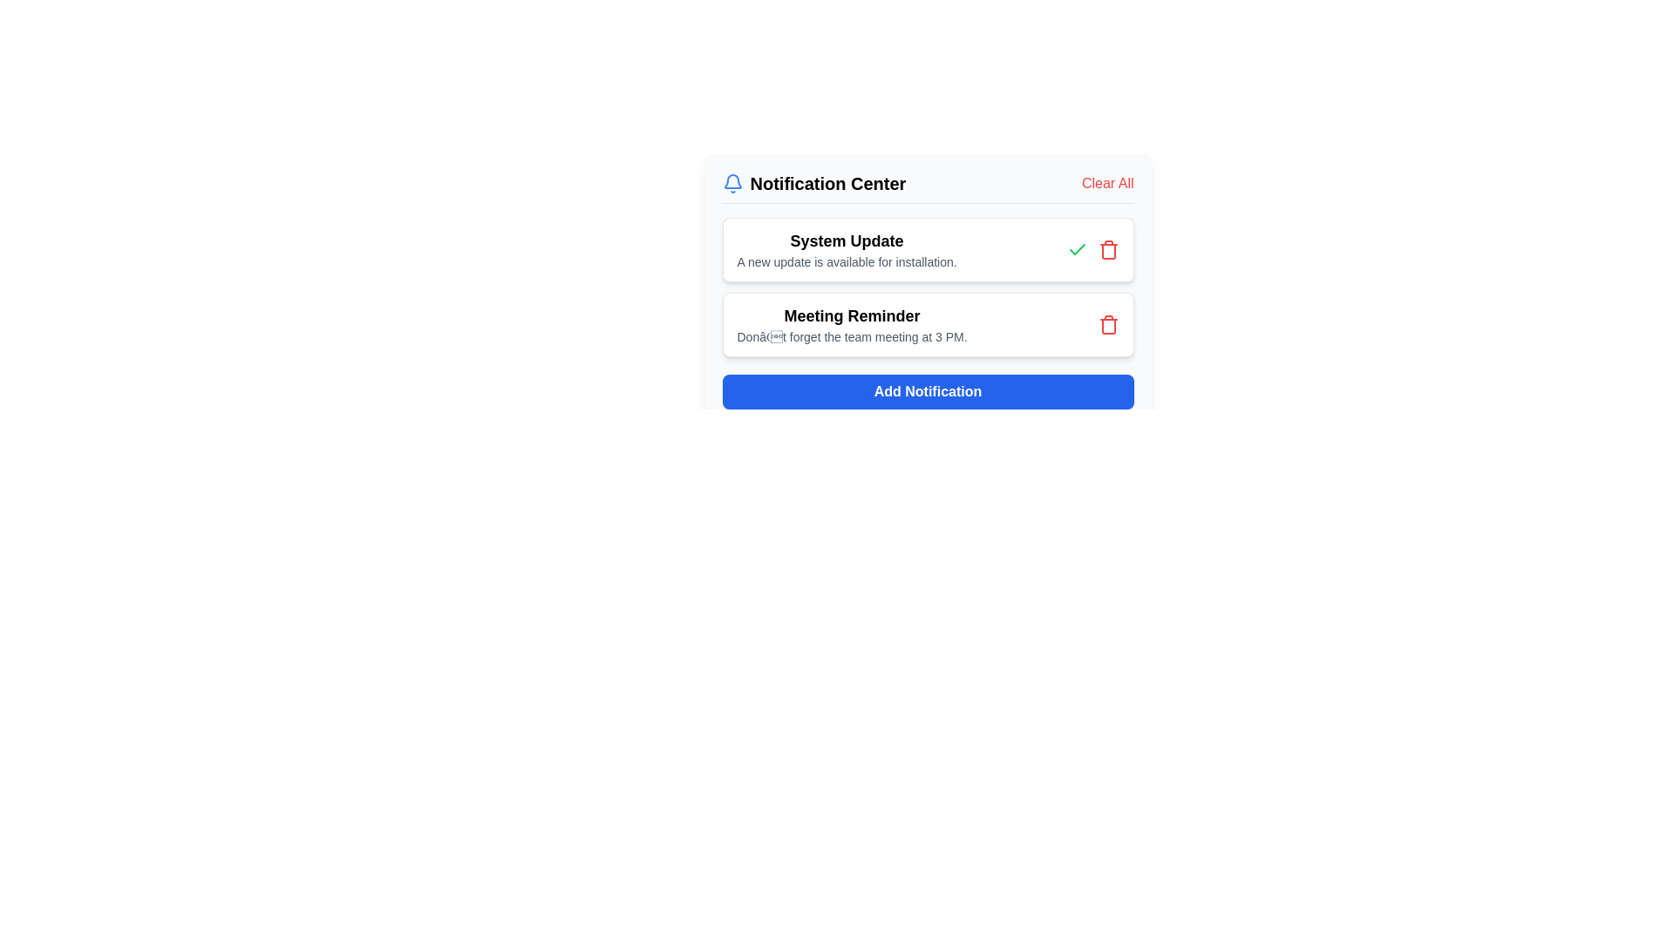 This screenshot has height=941, width=1674. I want to click on the second notification card in the Notification Center which reminds about an upcoming team meeting at 3 PM, so click(927, 325).